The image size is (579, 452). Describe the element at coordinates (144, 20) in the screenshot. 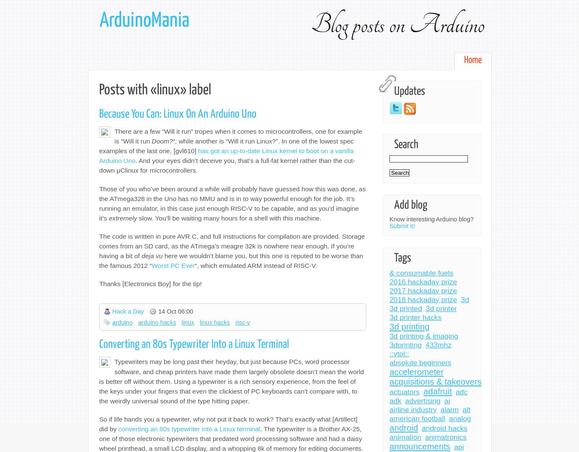

I see `'ArduinoMania'` at that location.